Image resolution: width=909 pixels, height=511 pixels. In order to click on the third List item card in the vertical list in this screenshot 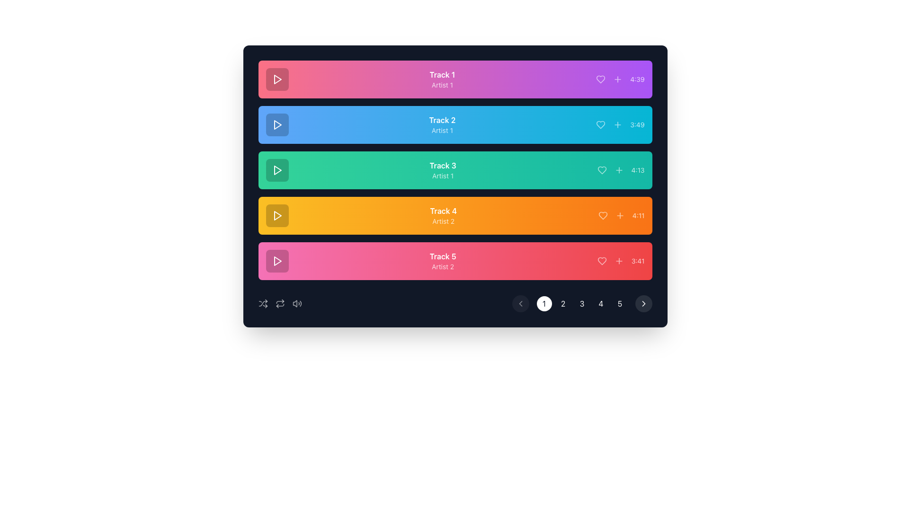, I will do `click(455, 169)`.